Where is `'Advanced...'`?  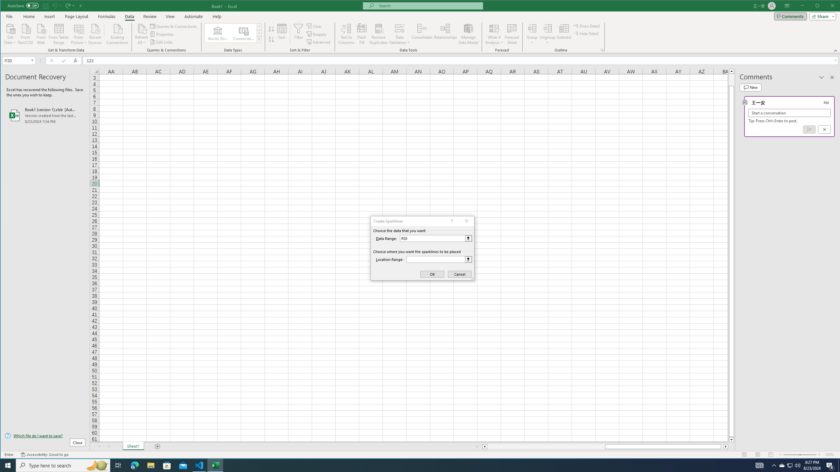
'Advanced...' is located at coordinates (319, 42).